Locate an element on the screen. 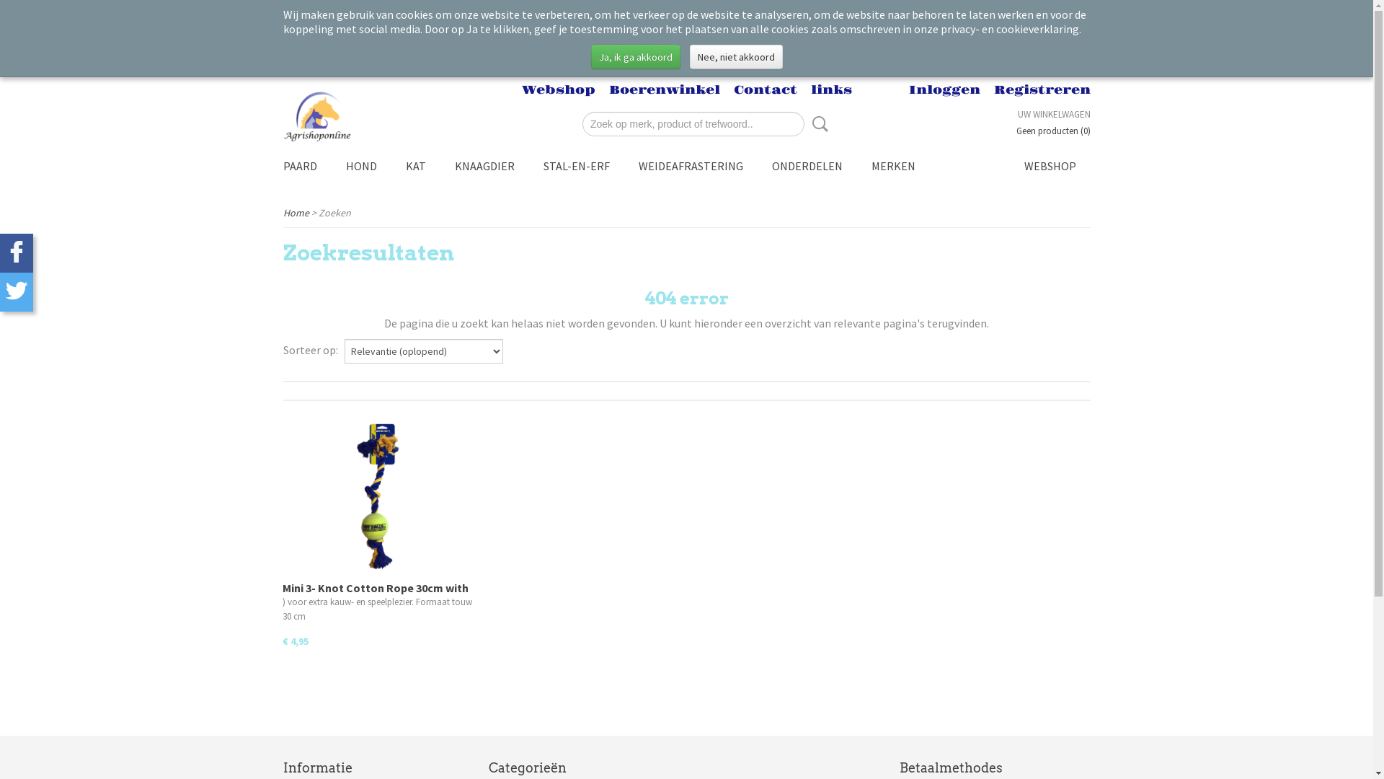  'MERKEN' is located at coordinates (892, 165).